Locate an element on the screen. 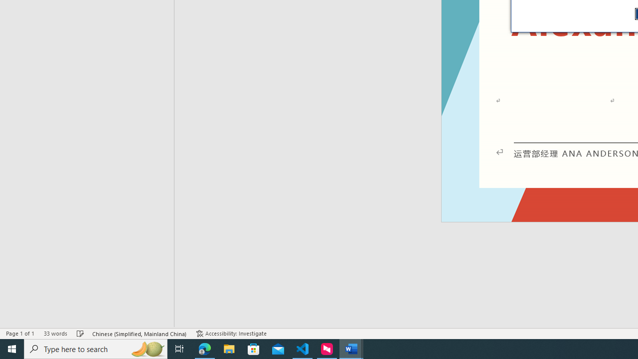 The width and height of the screenshot is (638, 359). 'Start' is located at coordinates (12, 348).